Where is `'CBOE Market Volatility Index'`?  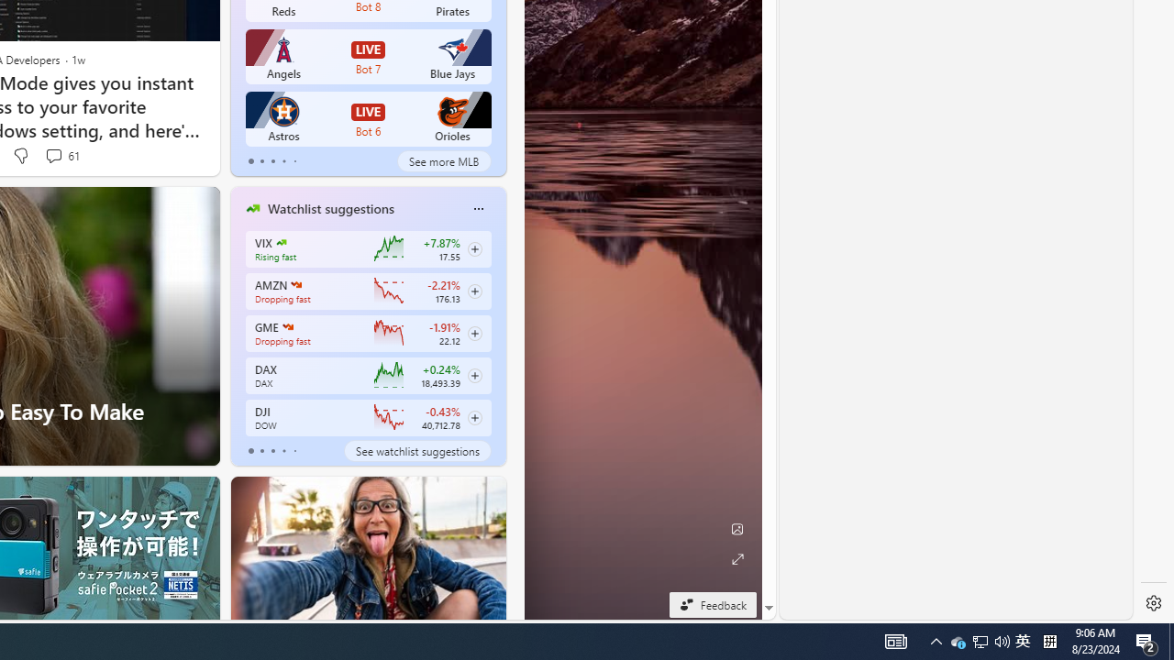 'CBOE Market Volatility Index' is located at coordinates (280, 241).